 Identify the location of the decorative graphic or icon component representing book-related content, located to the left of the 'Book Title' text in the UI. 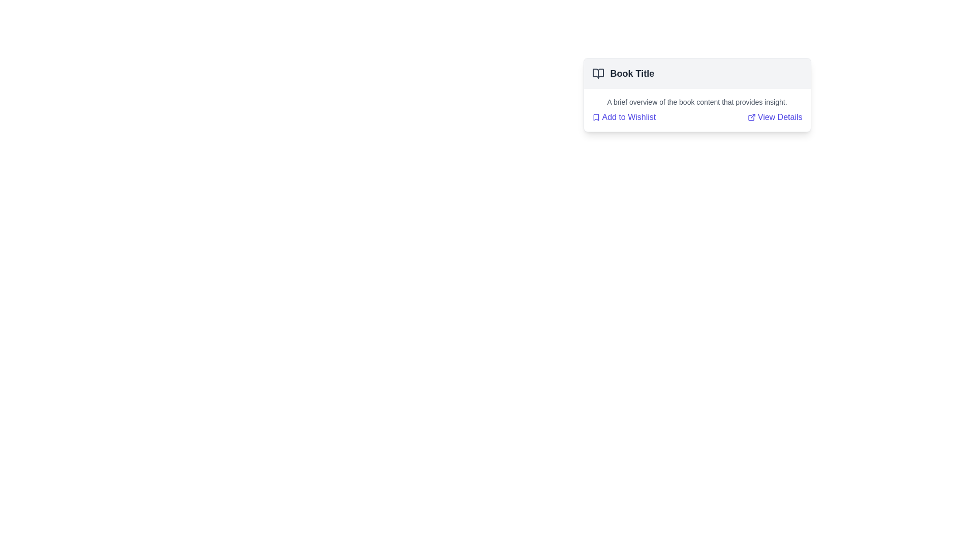
(598, 73).